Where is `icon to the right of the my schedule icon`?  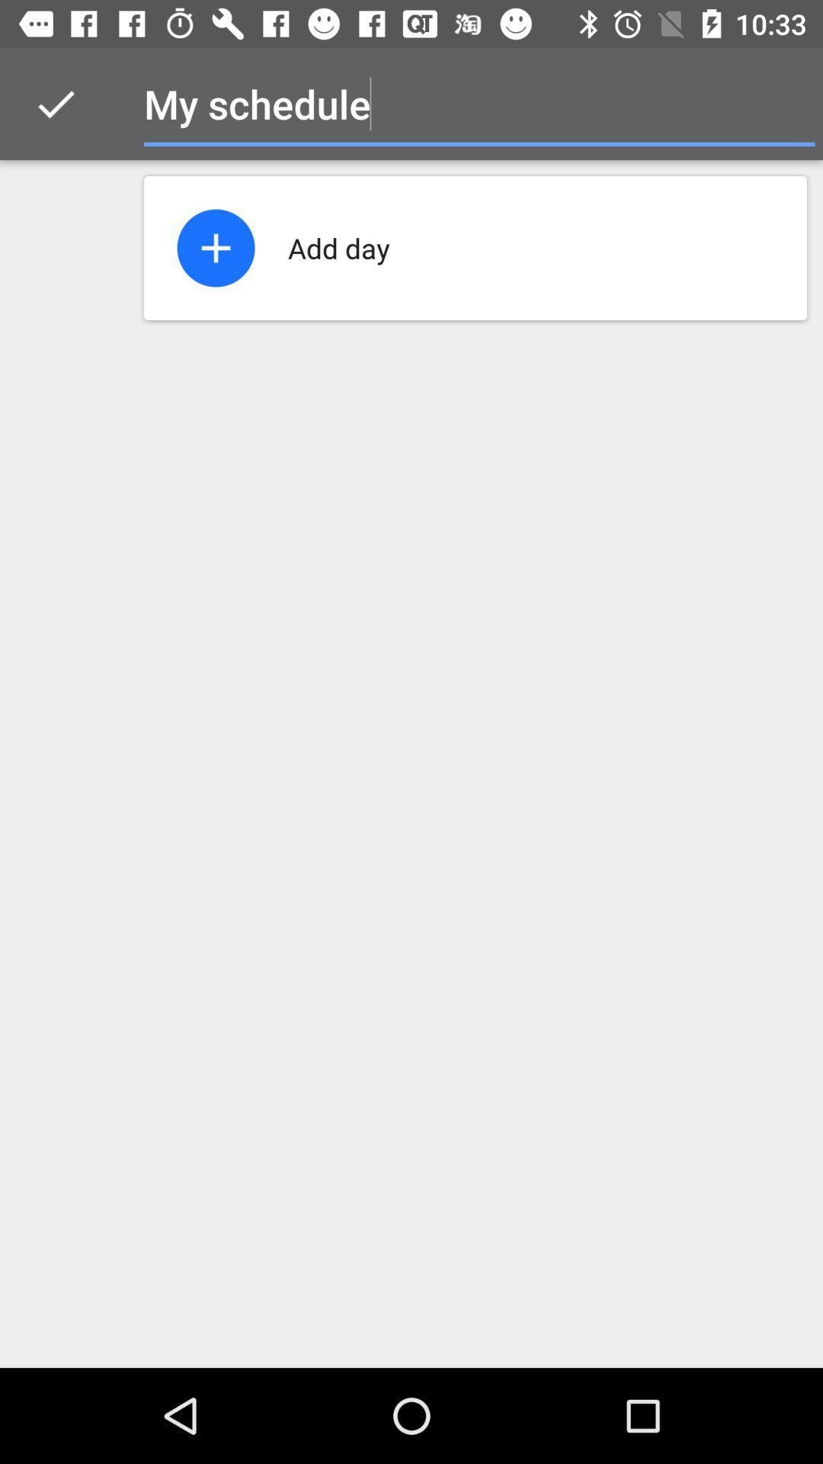 icon to the right of the my schedule icon is located at coordinates (783, 103).